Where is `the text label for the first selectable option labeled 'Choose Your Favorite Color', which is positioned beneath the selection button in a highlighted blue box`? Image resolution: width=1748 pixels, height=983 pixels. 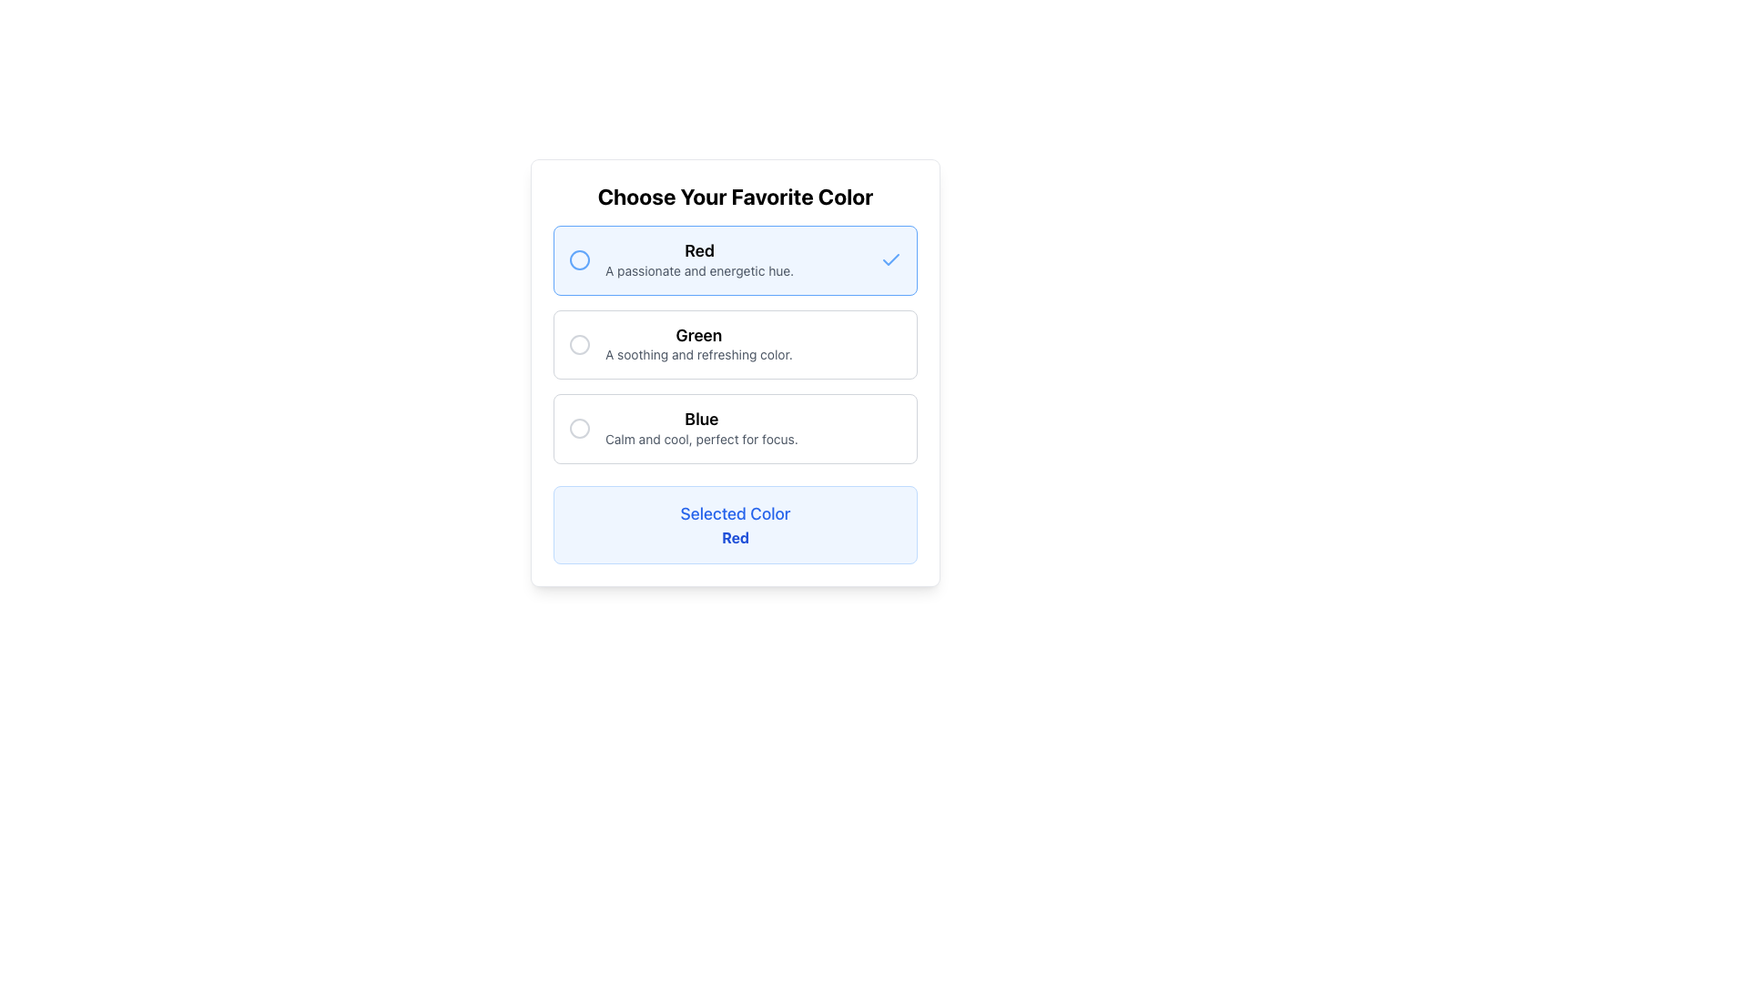 the text label for the first selectable option labeled 'Choose Your Favorite Color', which is positioned beneath the selection button in a highlighted blue box is located at coordinates (698, 260).